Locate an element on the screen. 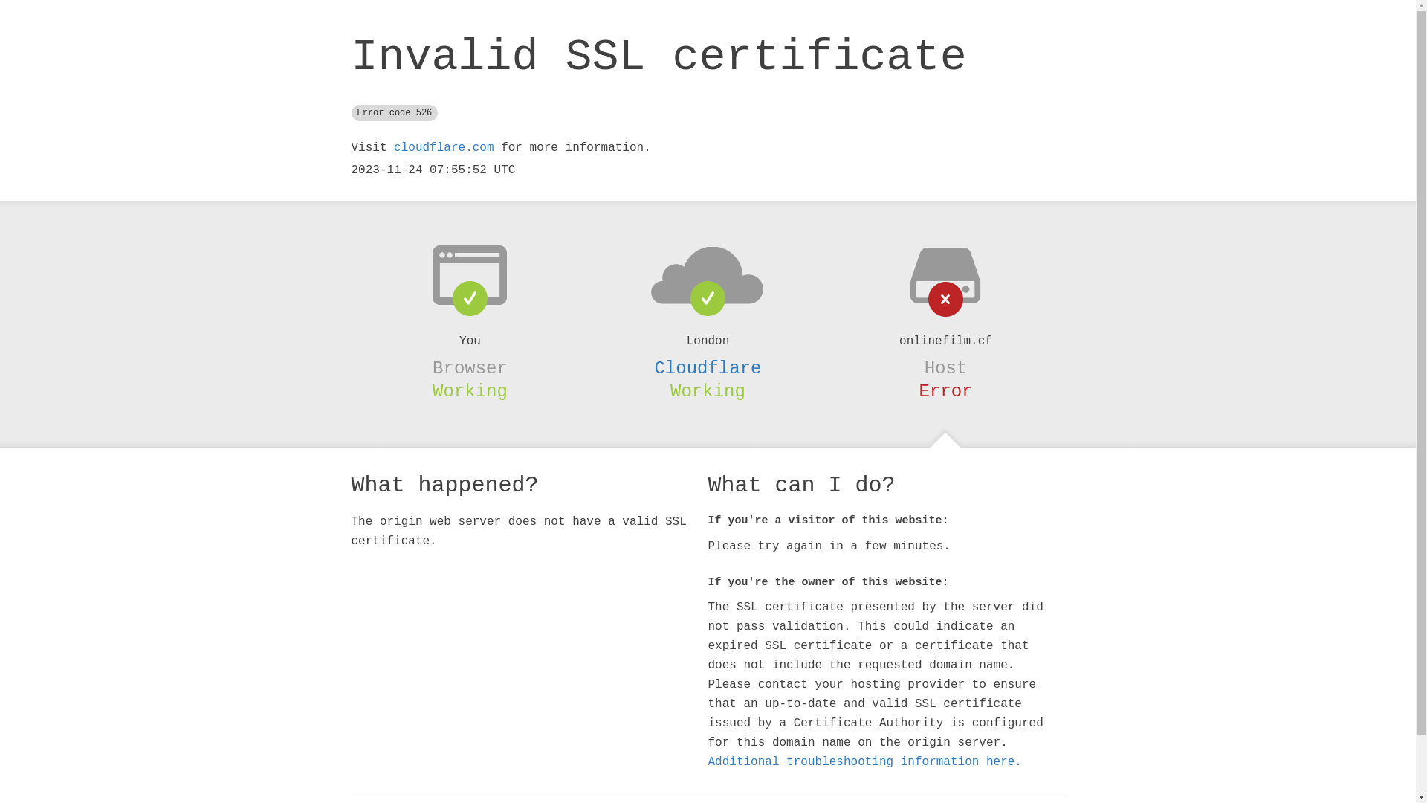  'cloudflare.com' is located at coordinates (442, 148).